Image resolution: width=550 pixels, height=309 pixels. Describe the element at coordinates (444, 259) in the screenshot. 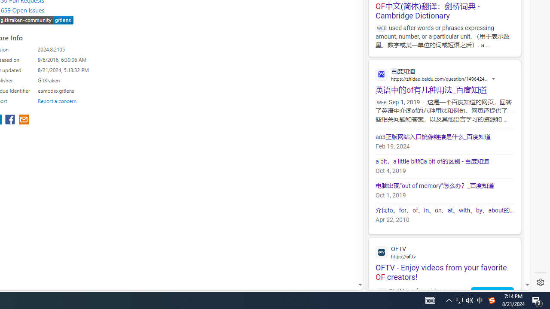

I see `'OFTV - Enjoy videos from your favorite OF creators!'` at that location.